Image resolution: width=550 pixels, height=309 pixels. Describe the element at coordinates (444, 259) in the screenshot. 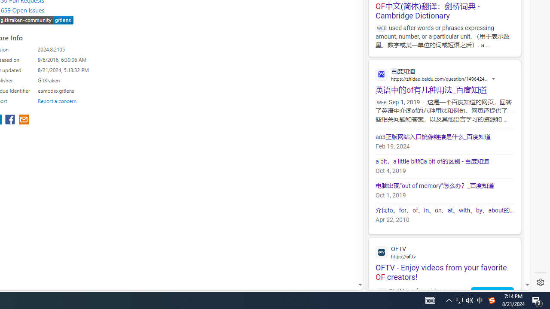

I see `'OFTV - Enjoy videos from your favorite OF creators!'` at that location.